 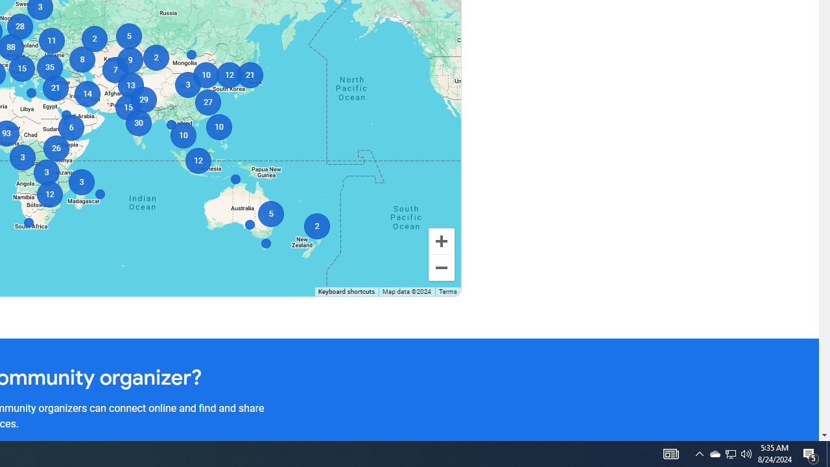 What do you see at coordinates (207, 102) in the screenshot?
I see `'27'` at bounding box center [207, 102].